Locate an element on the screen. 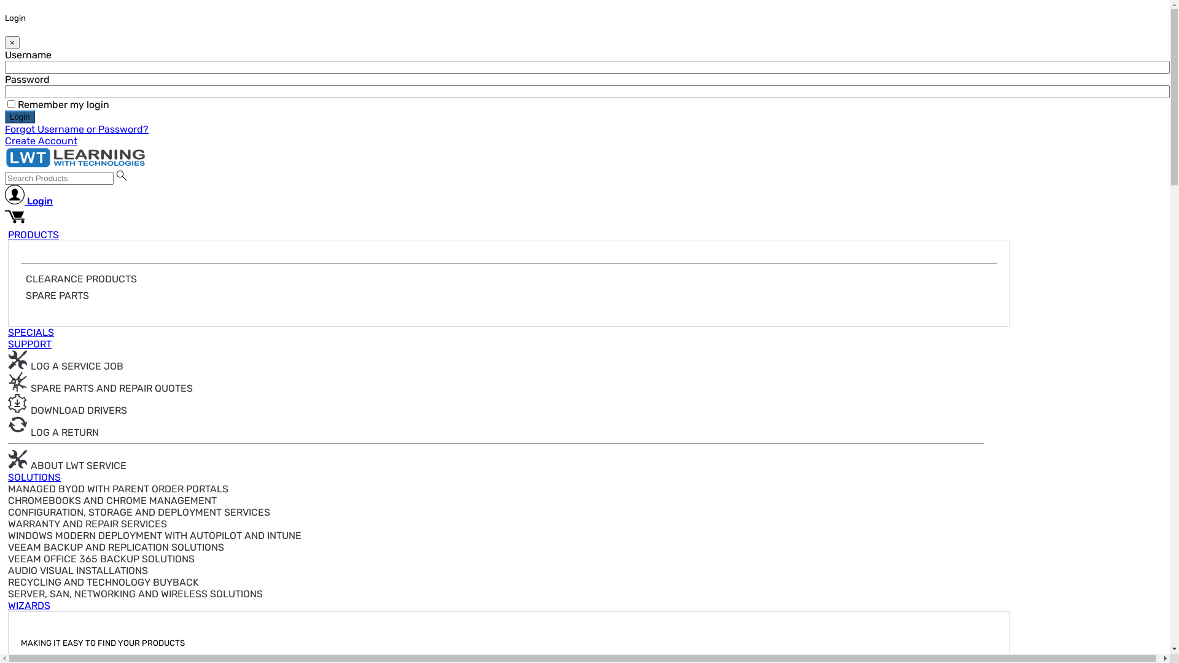  'LOG A SERVICE JOB' is located at coordinates (64, 365).